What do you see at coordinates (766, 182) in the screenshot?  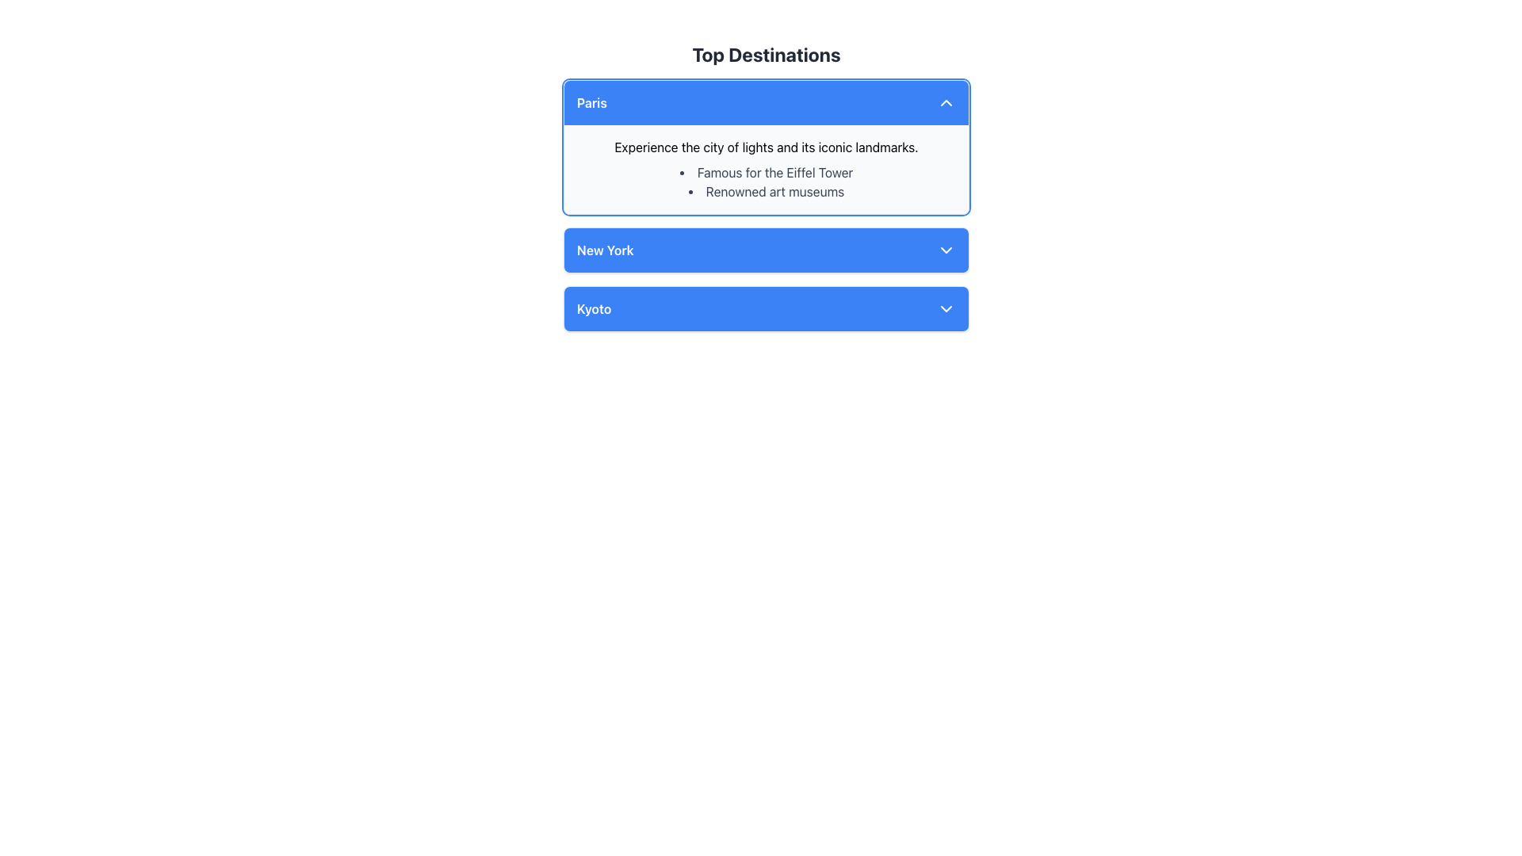 I see `the Text List (Bullet Points) containing 'Famous for the Eiffel Tower' and 'Renowned art museums' located under the 'Paris' section` at bounding box center [766, 182].